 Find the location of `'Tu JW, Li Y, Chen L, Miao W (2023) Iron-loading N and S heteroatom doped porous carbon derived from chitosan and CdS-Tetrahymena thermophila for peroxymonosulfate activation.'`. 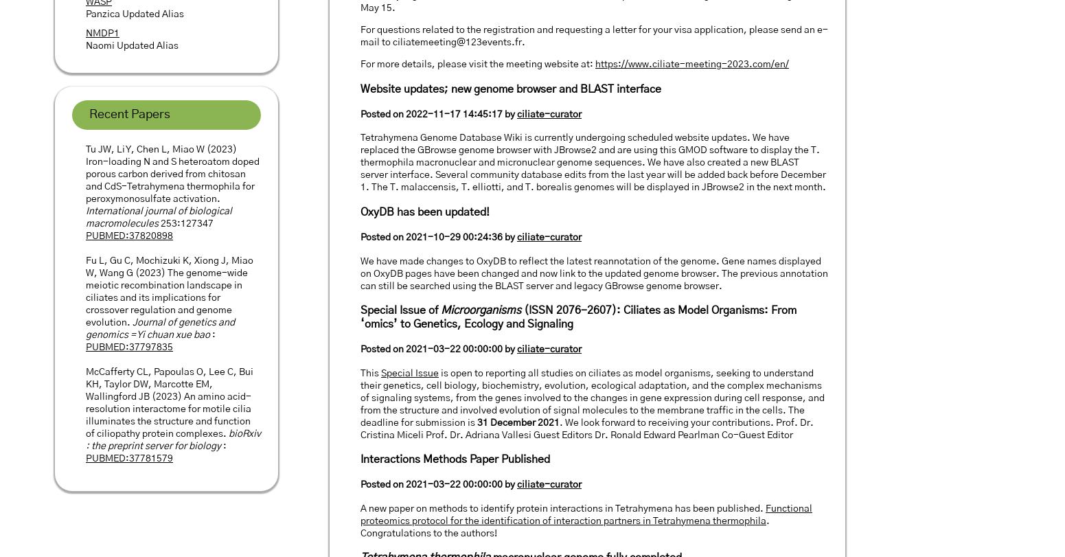

'Tu JW, Li Y, Chen L, Miao W (2023) Iron-loading N and S heteroatom doped porous carbon derived from chitosan and CdS-Tetrahymena thermophila for peroxymonosulfate activation.' is located at coordinates (86, 174).